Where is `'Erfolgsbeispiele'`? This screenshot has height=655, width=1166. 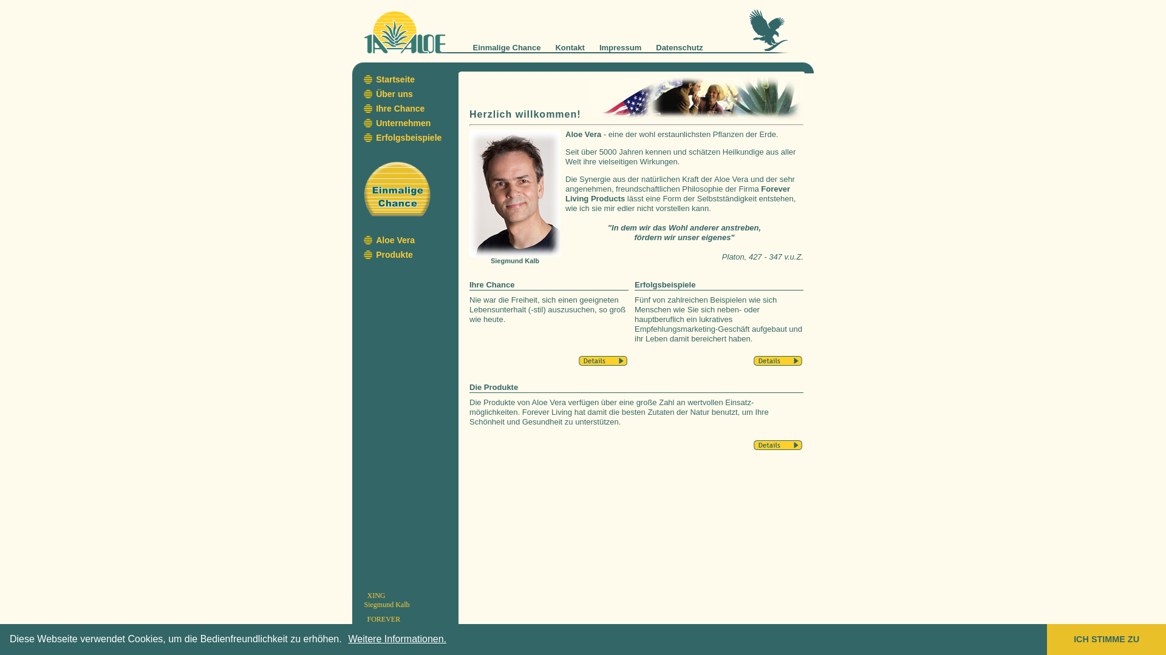 'Erfolgsbeispiele' is located at coordinates (375, 137).